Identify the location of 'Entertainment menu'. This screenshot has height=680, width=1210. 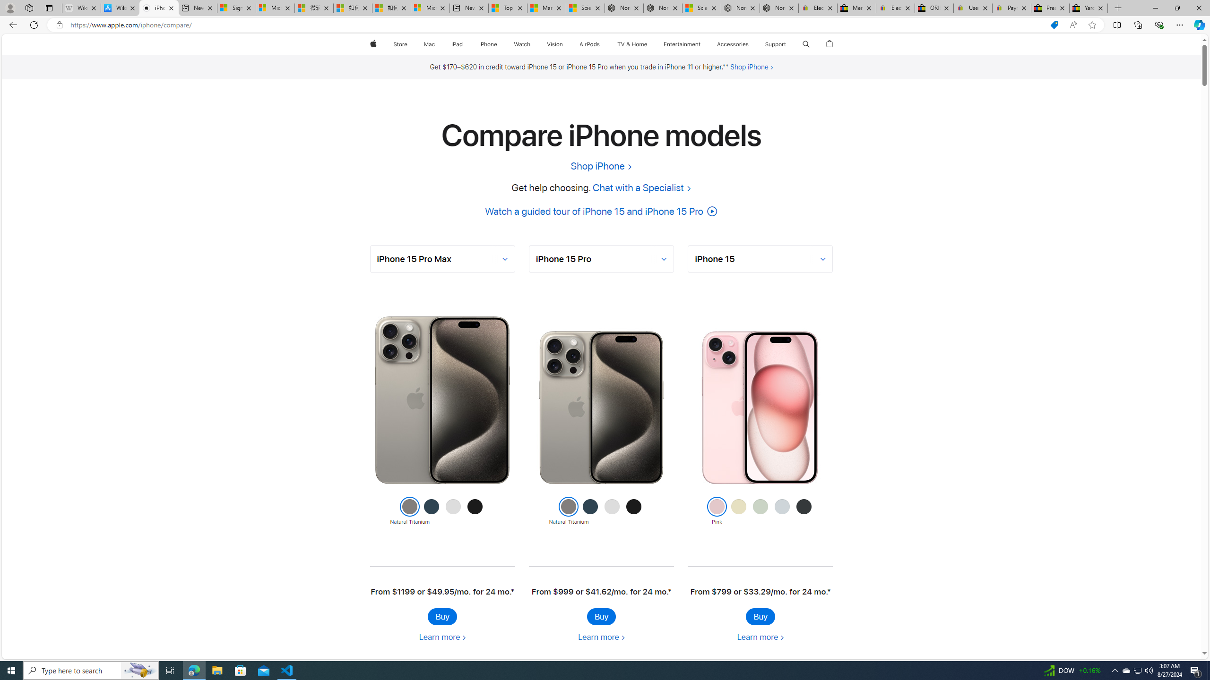
(702, 44).